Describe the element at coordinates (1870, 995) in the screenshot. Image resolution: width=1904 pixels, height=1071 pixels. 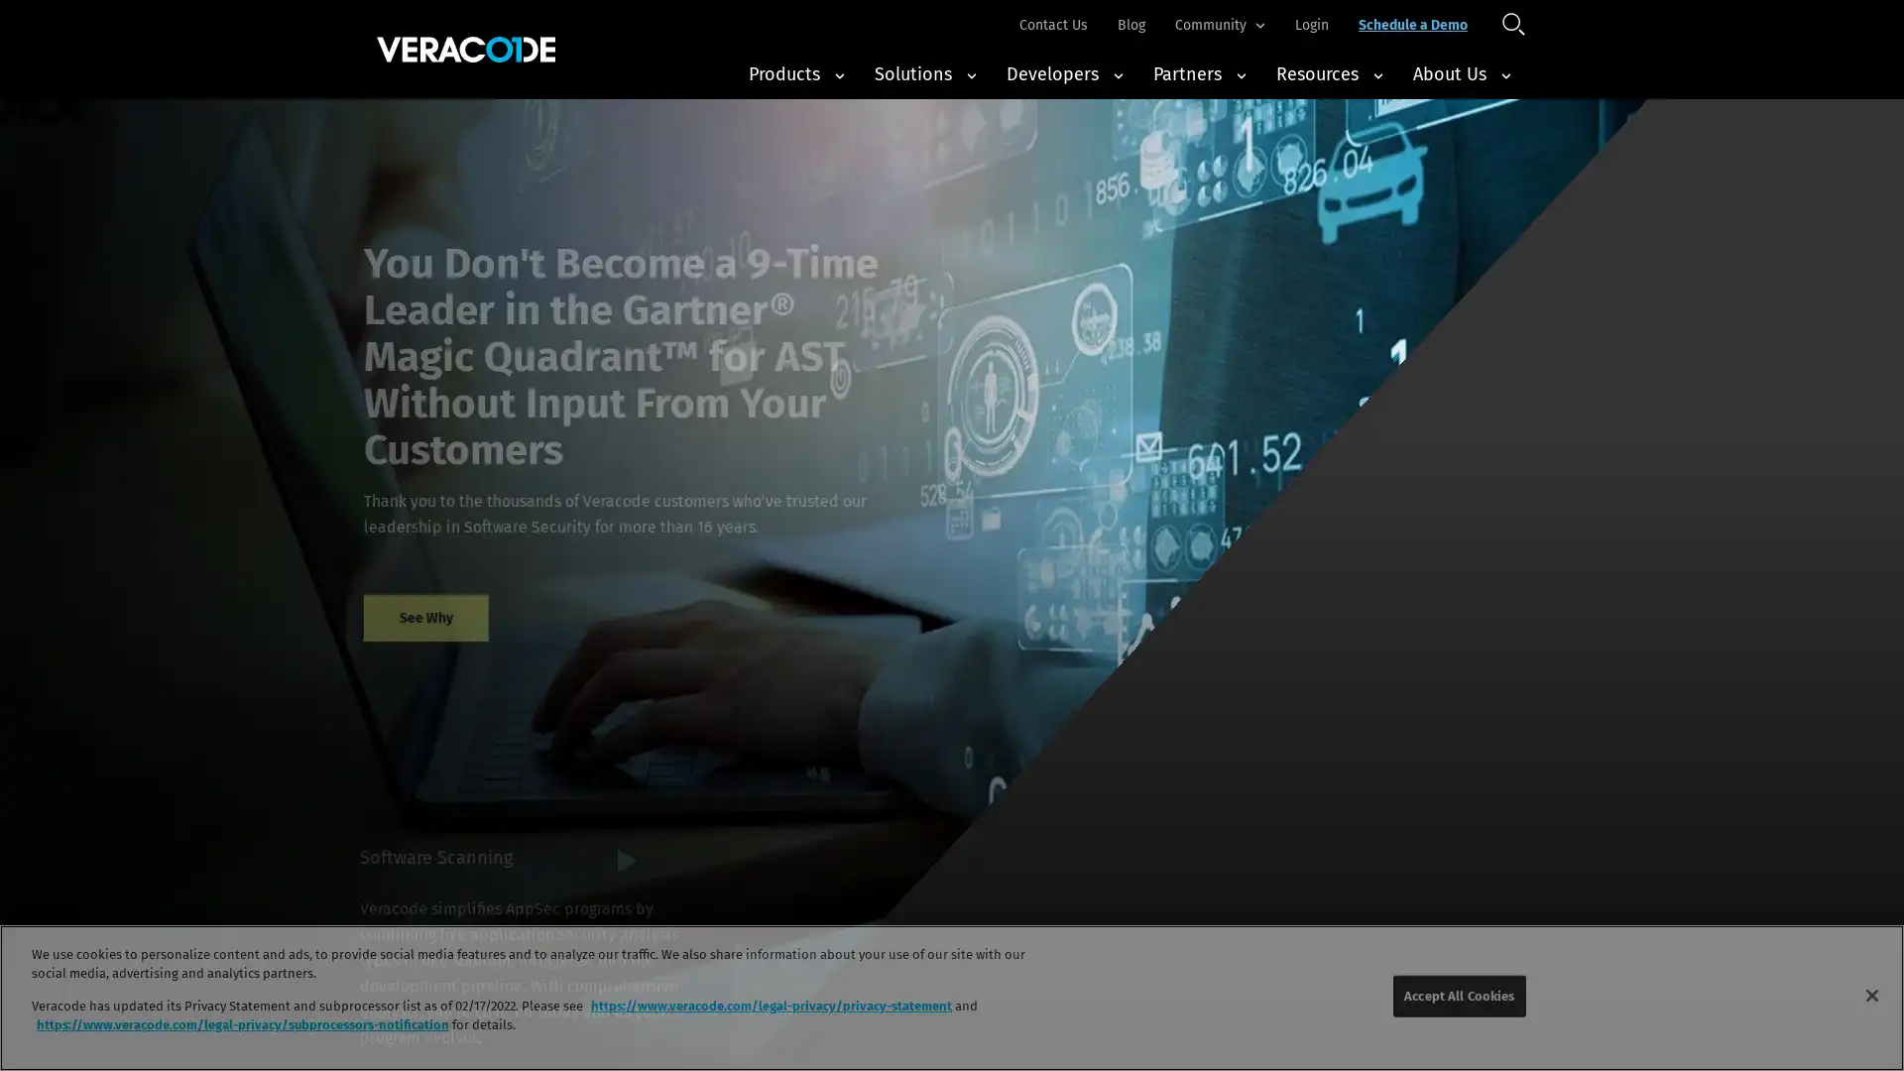
I see `Close` at that location.